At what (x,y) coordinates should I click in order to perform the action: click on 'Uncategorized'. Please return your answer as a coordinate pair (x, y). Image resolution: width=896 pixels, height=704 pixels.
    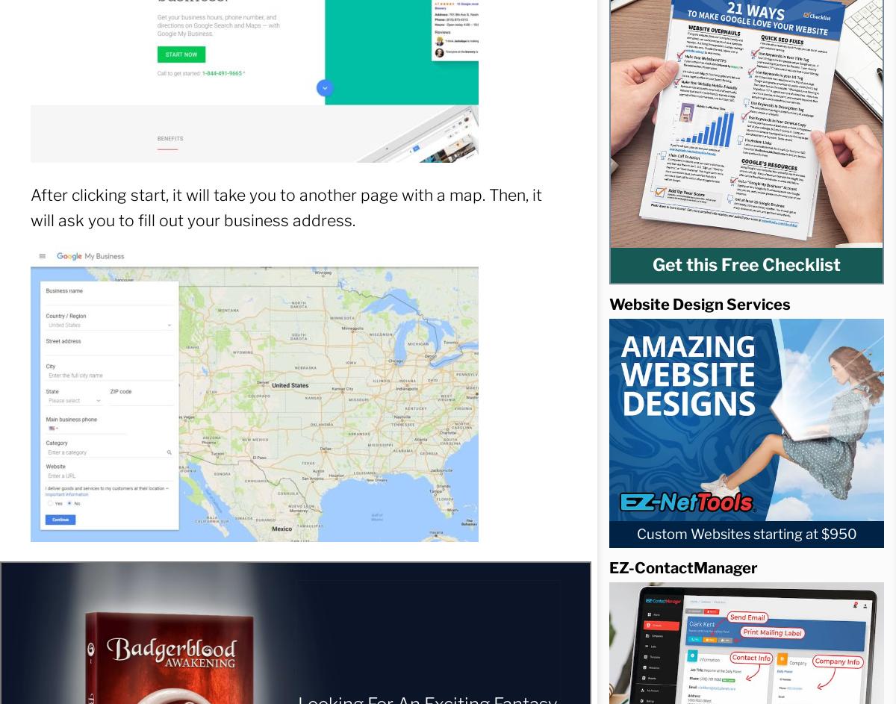
    Looking at the image, I should click on (163, 179).